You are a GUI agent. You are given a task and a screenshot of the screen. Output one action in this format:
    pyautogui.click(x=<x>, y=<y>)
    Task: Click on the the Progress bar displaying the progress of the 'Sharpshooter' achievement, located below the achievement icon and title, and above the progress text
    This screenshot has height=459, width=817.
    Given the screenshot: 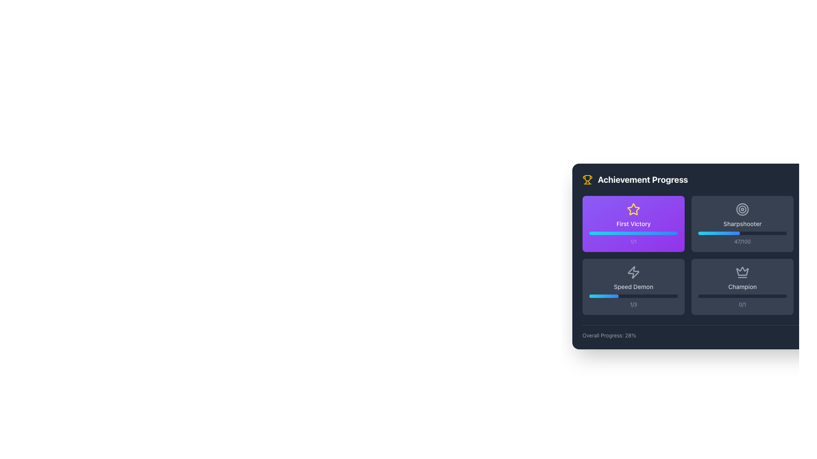 What is the action you would take?
    pyautogui.click(x=742, y=233)
    